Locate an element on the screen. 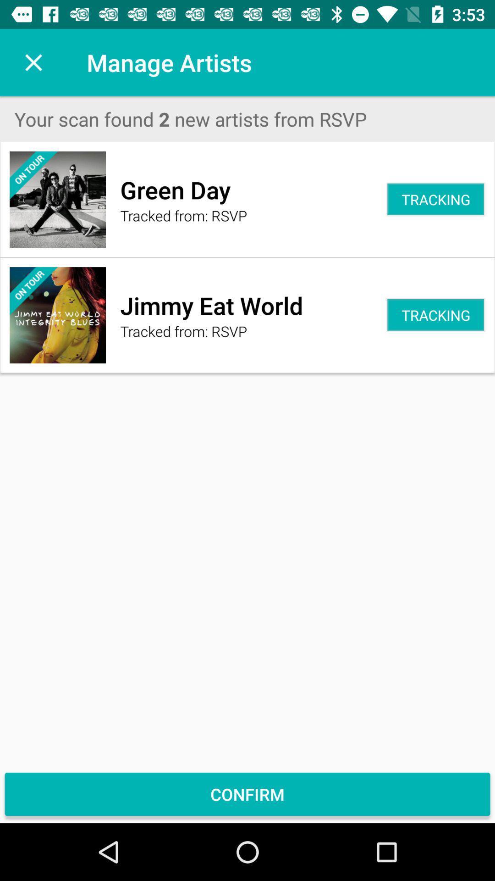 The width and height of the screenshot is (495, 881). the item next to the manage artists is located at coordinates (33, 62).